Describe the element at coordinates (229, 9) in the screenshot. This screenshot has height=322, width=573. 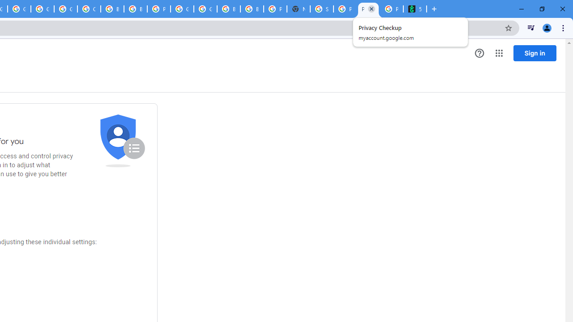
I see `'Browse Chrome as a guest - Computer - Google Chrome Help'` at that location.